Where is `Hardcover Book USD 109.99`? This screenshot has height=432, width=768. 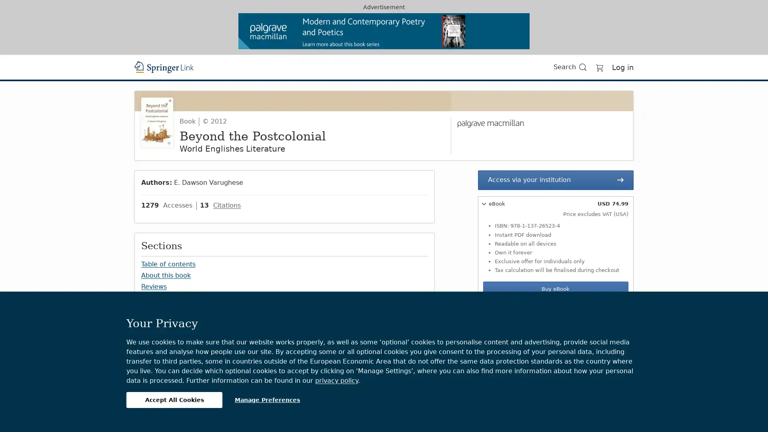
Hardcover Book USD 109.99 is located at coordinates (555, 322).